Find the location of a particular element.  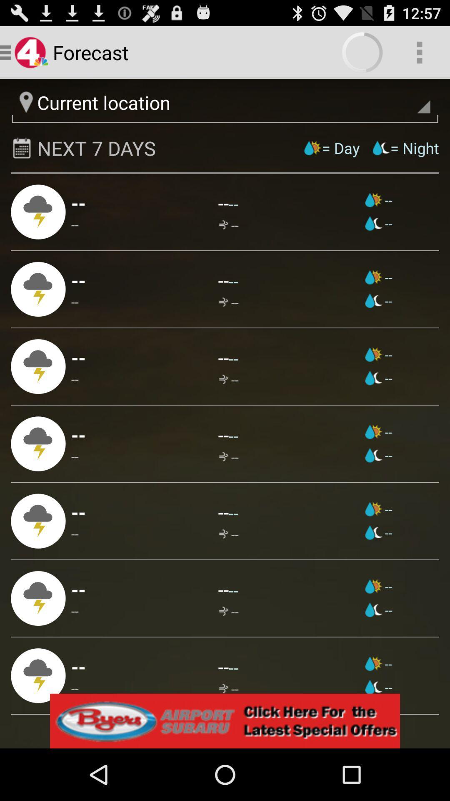

item next to the -- item is located at coordinates (379, 687).